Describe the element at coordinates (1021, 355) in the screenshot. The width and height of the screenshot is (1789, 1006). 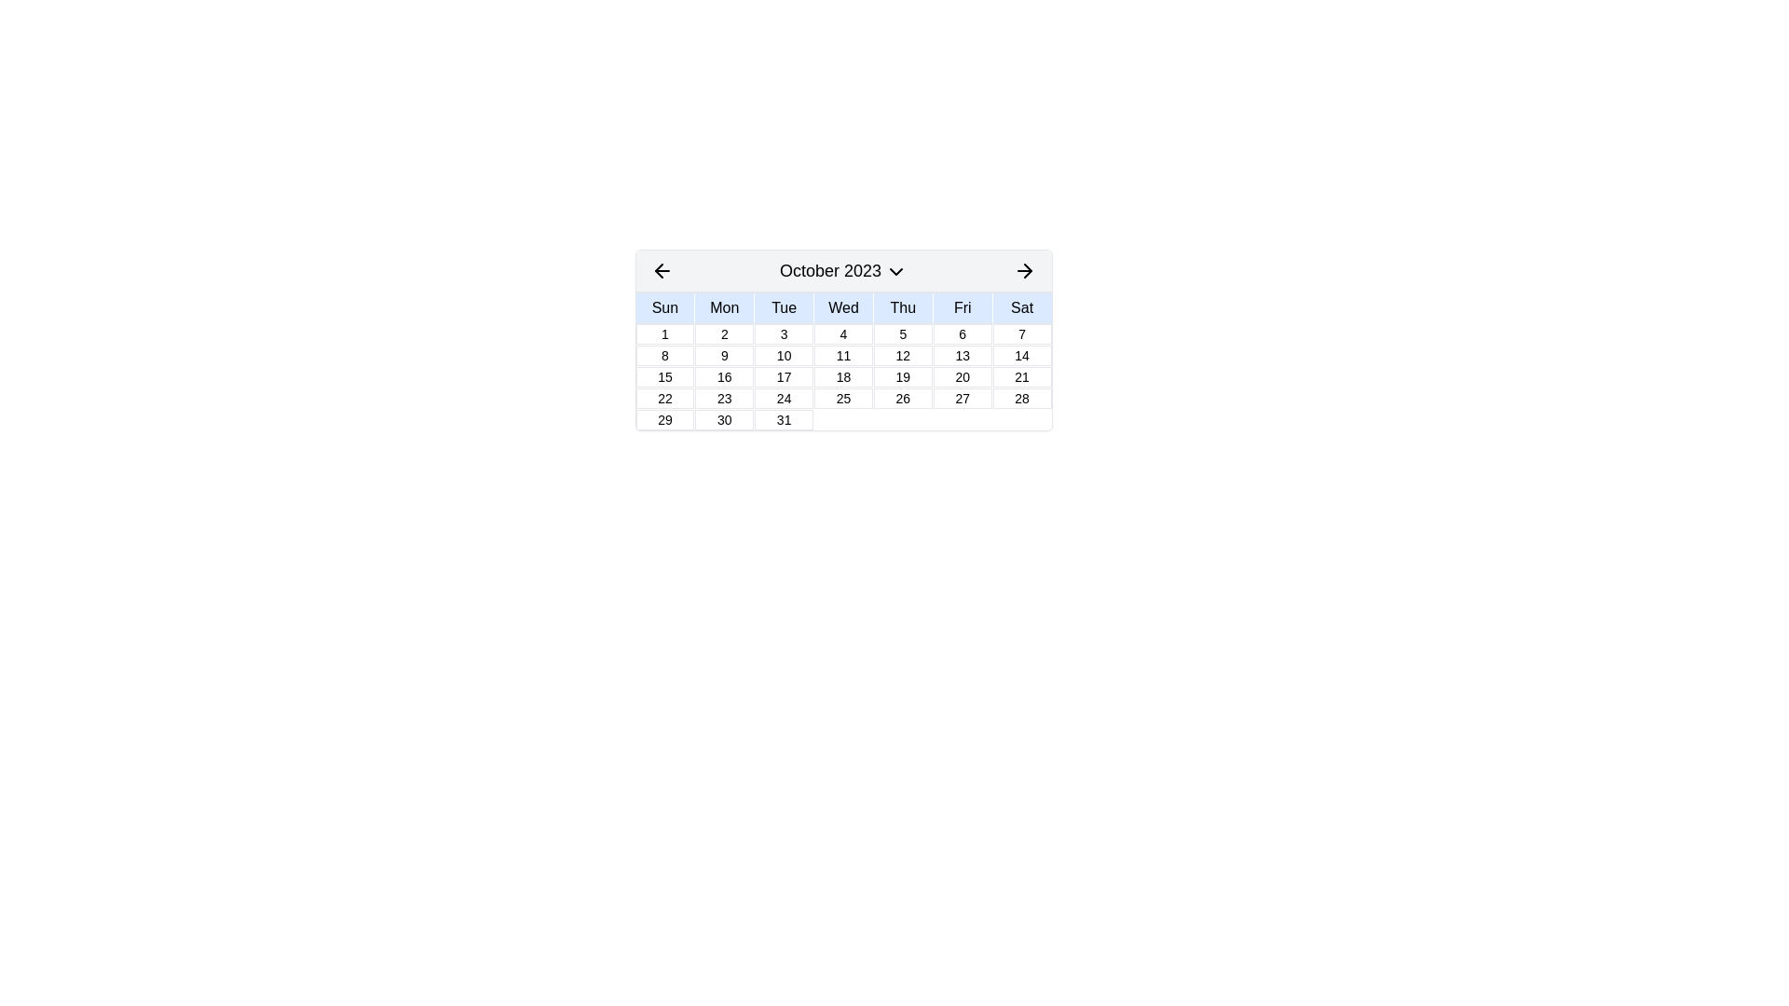
I see `the non-interactive text element displaying the date October 14th, 2023, located in the sixth column and second row of the calendar grid under 'Sat'` at that location.